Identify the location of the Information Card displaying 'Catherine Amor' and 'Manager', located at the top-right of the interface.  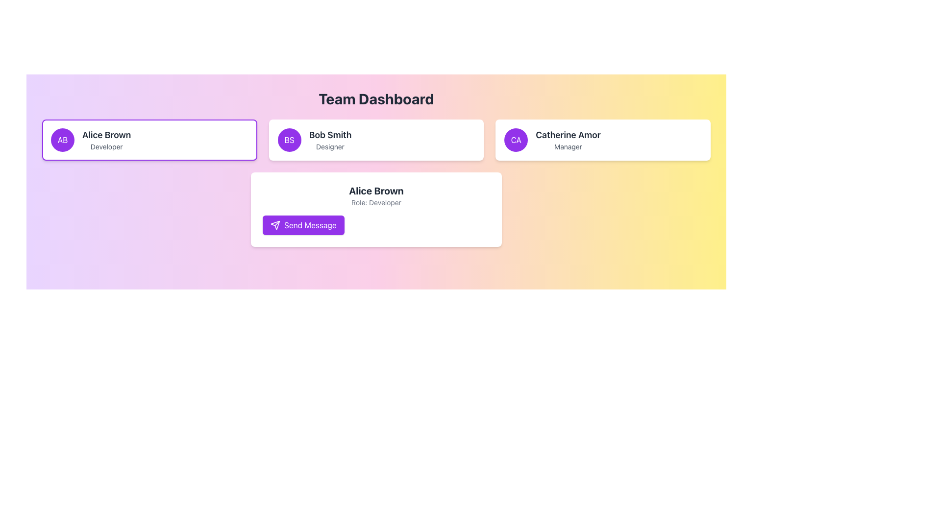
(602, 140).